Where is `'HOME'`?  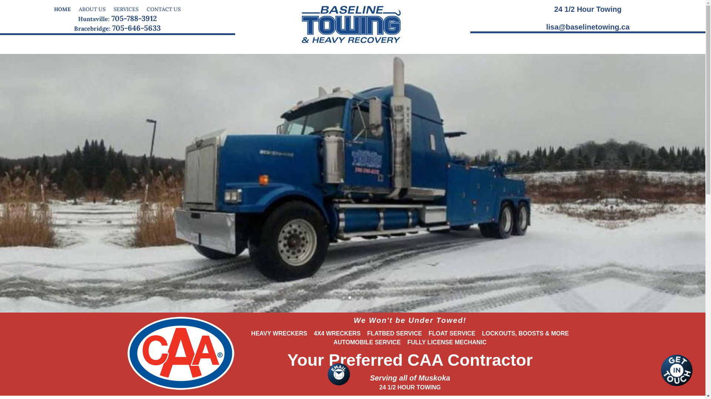 'HOME' is located at coordinates (62, 7).